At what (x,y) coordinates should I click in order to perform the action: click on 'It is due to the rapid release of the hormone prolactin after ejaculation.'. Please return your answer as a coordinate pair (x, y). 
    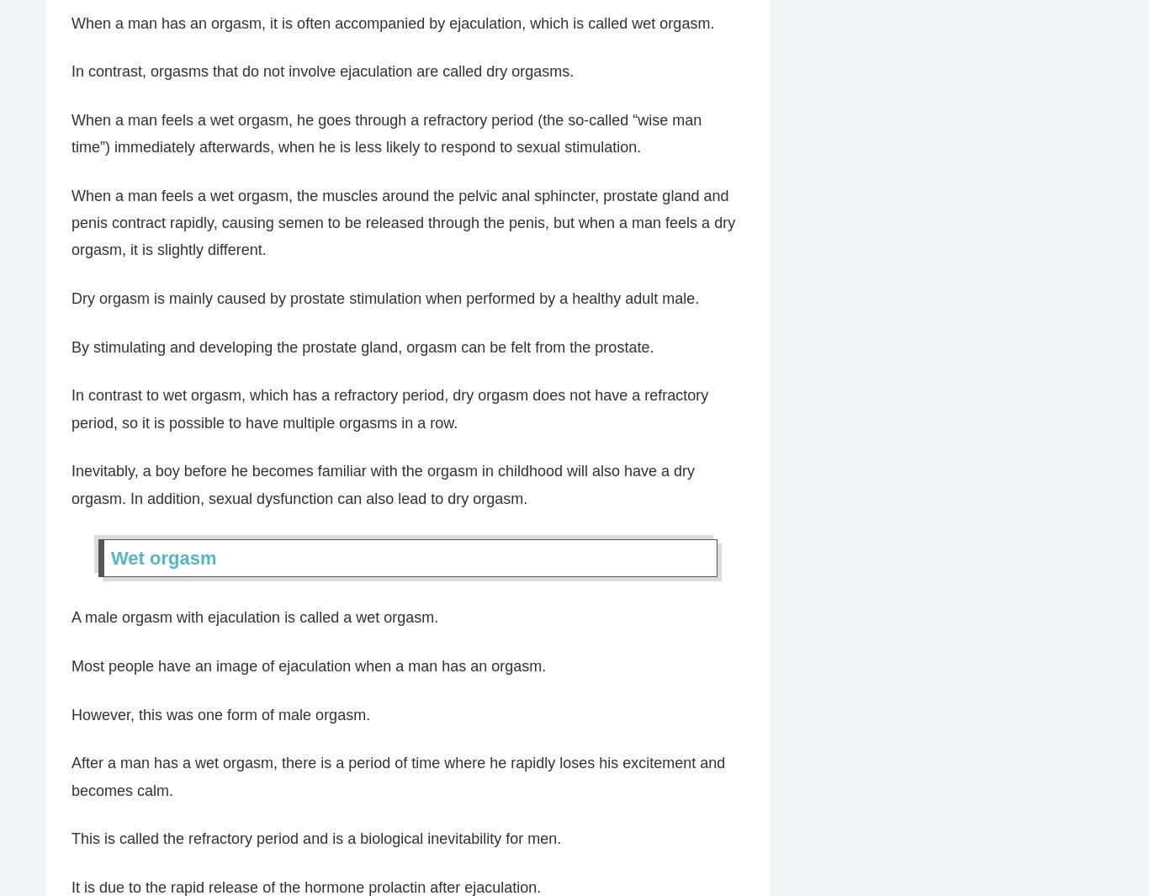
    Looking at the image, I should click on (305, 887).